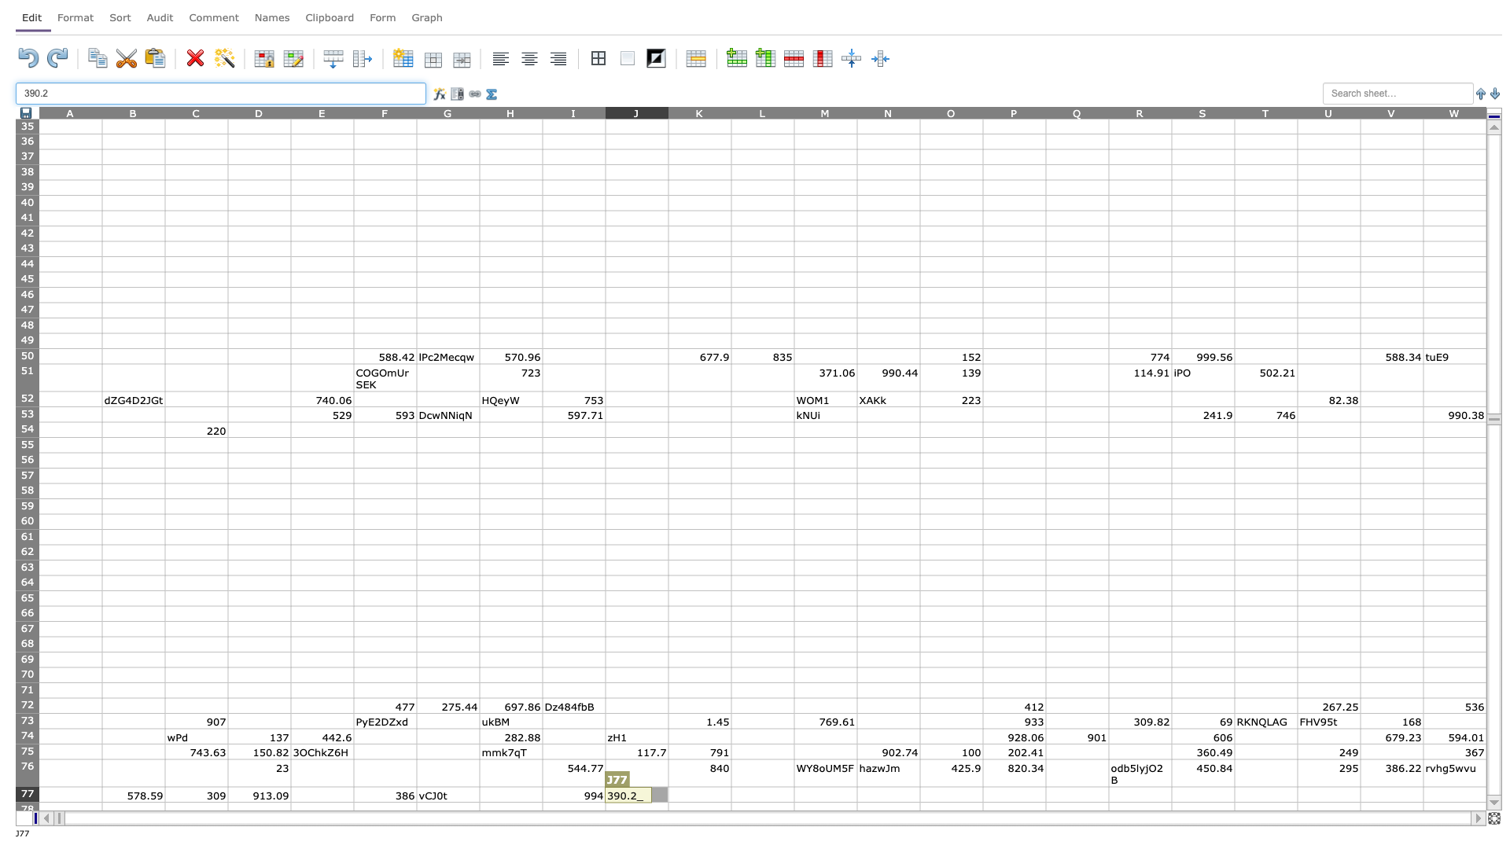  I want to click on top left corner of cell L77, so click(731, 787).